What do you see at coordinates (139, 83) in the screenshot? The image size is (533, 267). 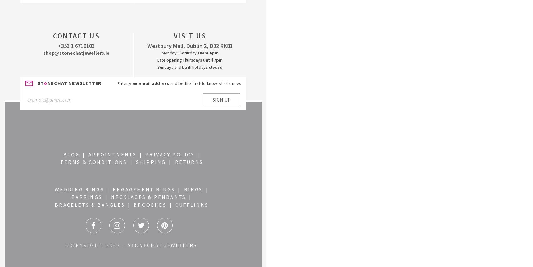 I see `'email address'` at bounding box center [139, 83].